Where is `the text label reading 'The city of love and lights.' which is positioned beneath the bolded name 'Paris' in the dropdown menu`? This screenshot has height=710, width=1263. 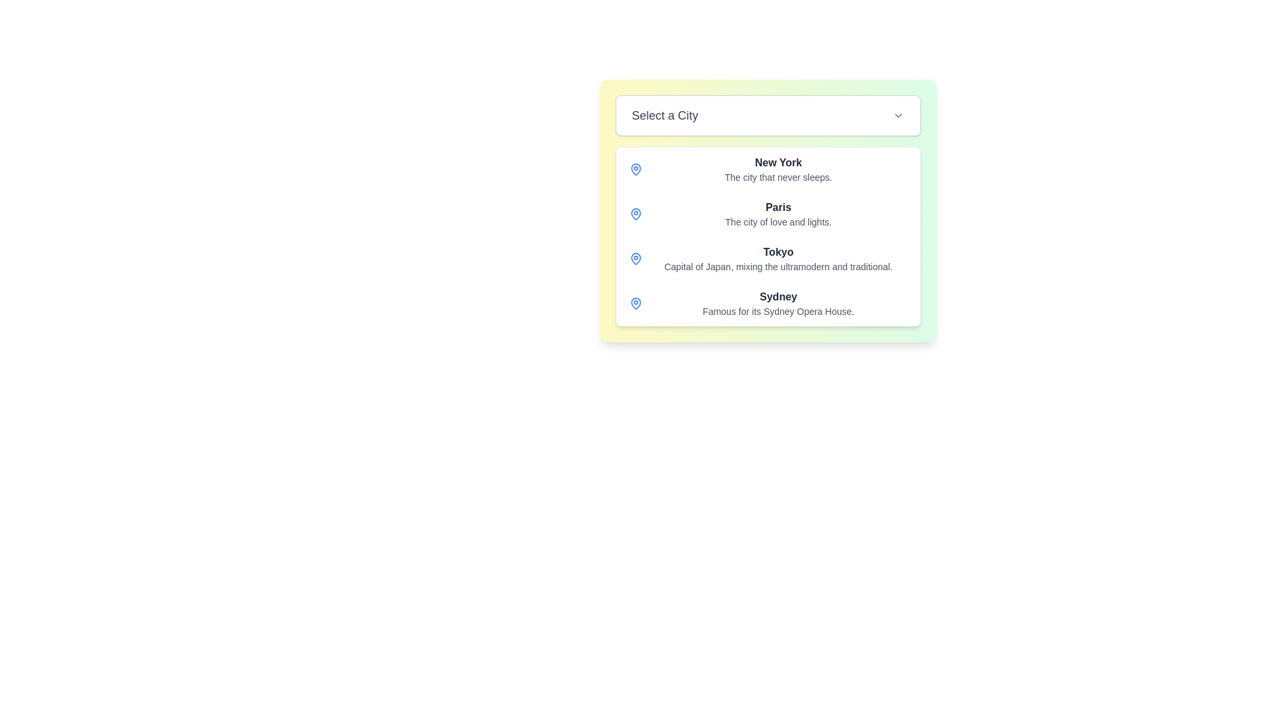
the text label reading 'The city of love and lights.' which is positioned beneath the bolded name 'Paris' in the dropdown menu is located at coordinates (778, 222).